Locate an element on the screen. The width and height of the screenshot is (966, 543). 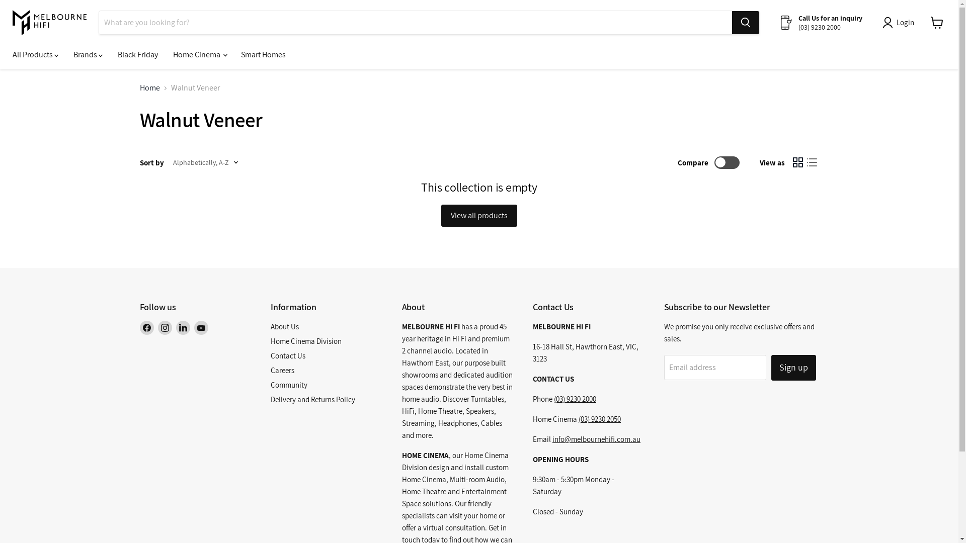
'info@melbournehifi.com.au' is located at coordinates (552, 438).